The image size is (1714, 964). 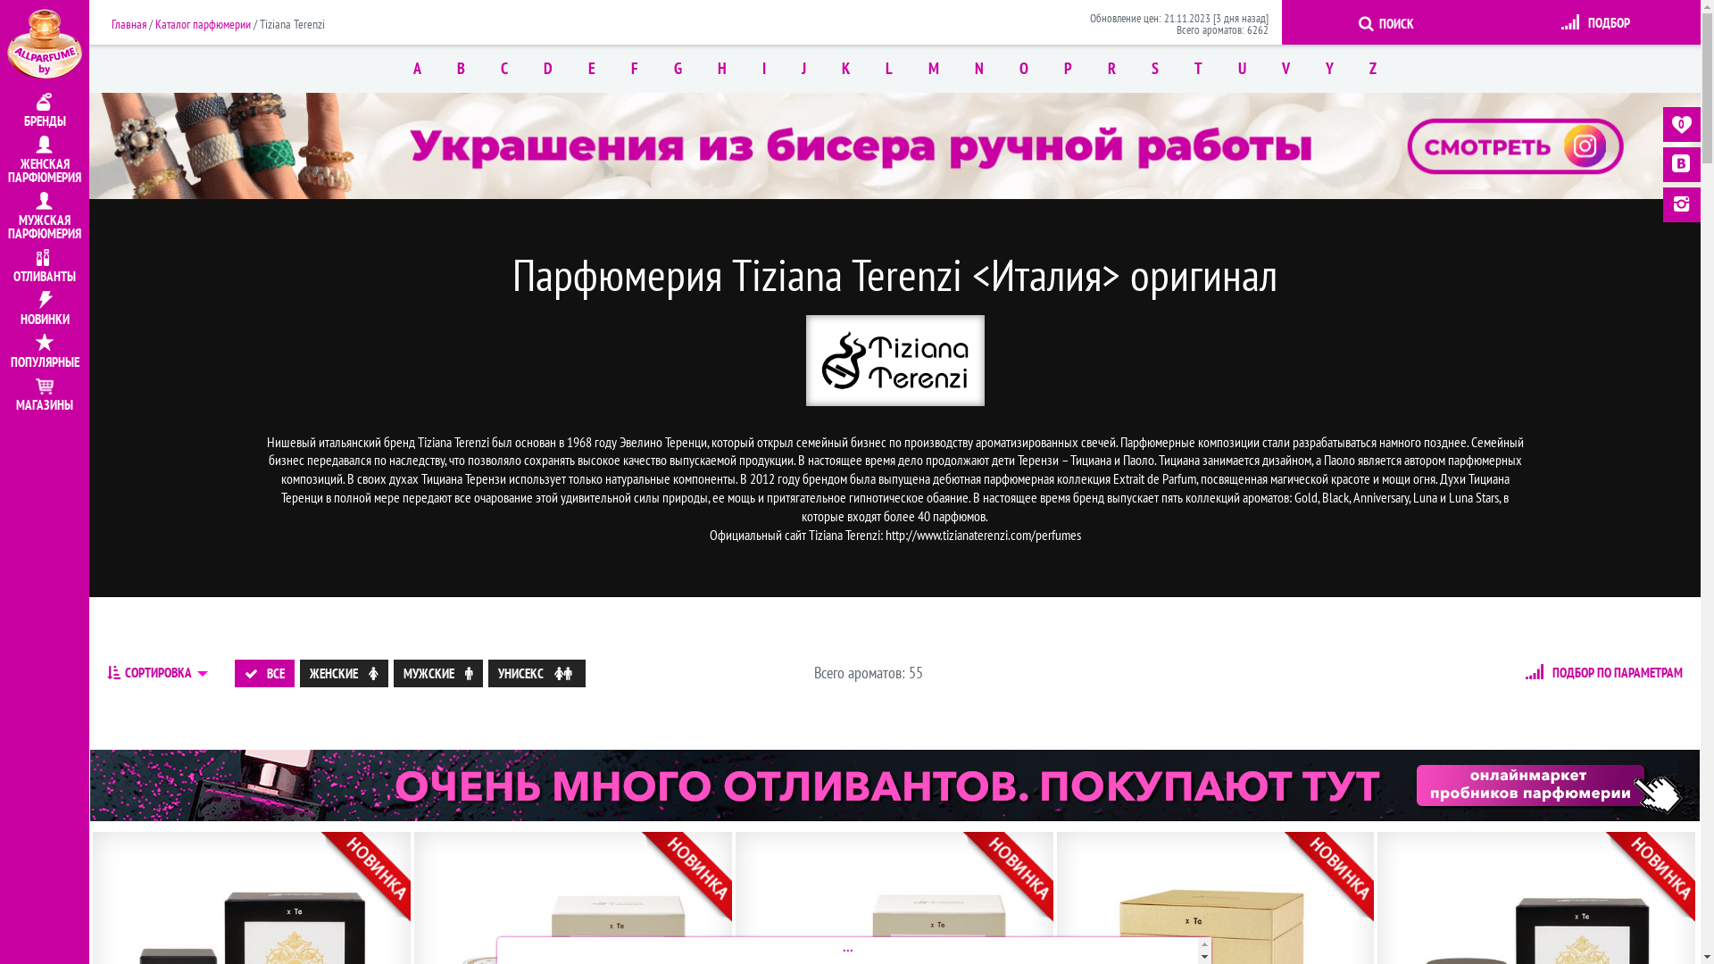 What do you see at coordinates (1285, 68) in the screenshot?
I see `'V'` at bounding box center [1285, 68].